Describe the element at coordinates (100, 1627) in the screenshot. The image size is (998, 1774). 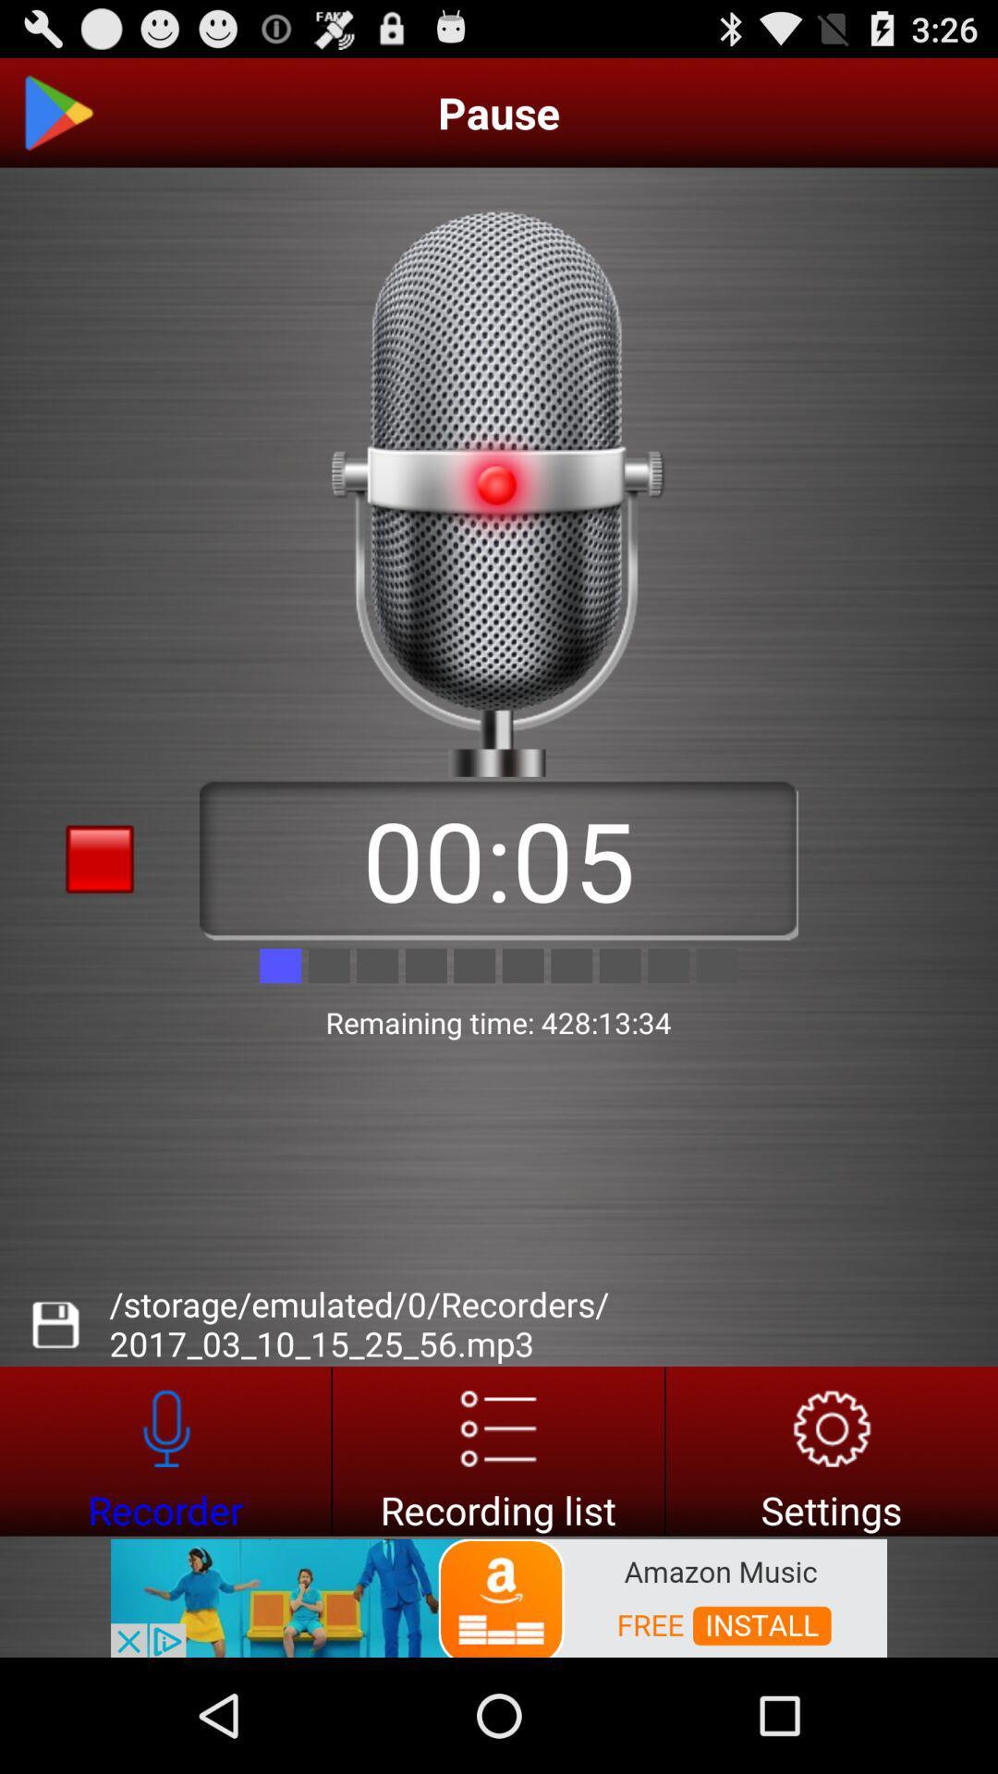
I see `advertisement banner` at that location.